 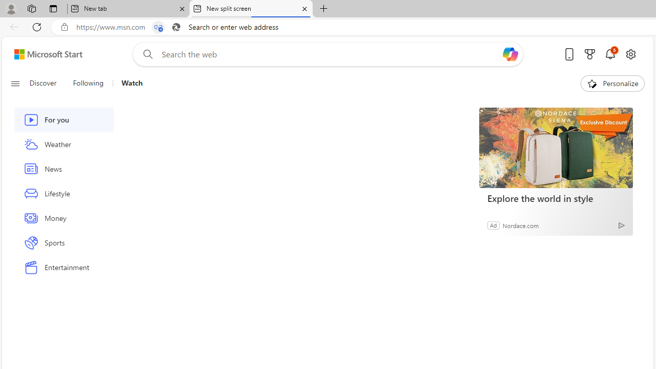 I want to click on 'Tabs in split screen', so click(x=158, y=27).